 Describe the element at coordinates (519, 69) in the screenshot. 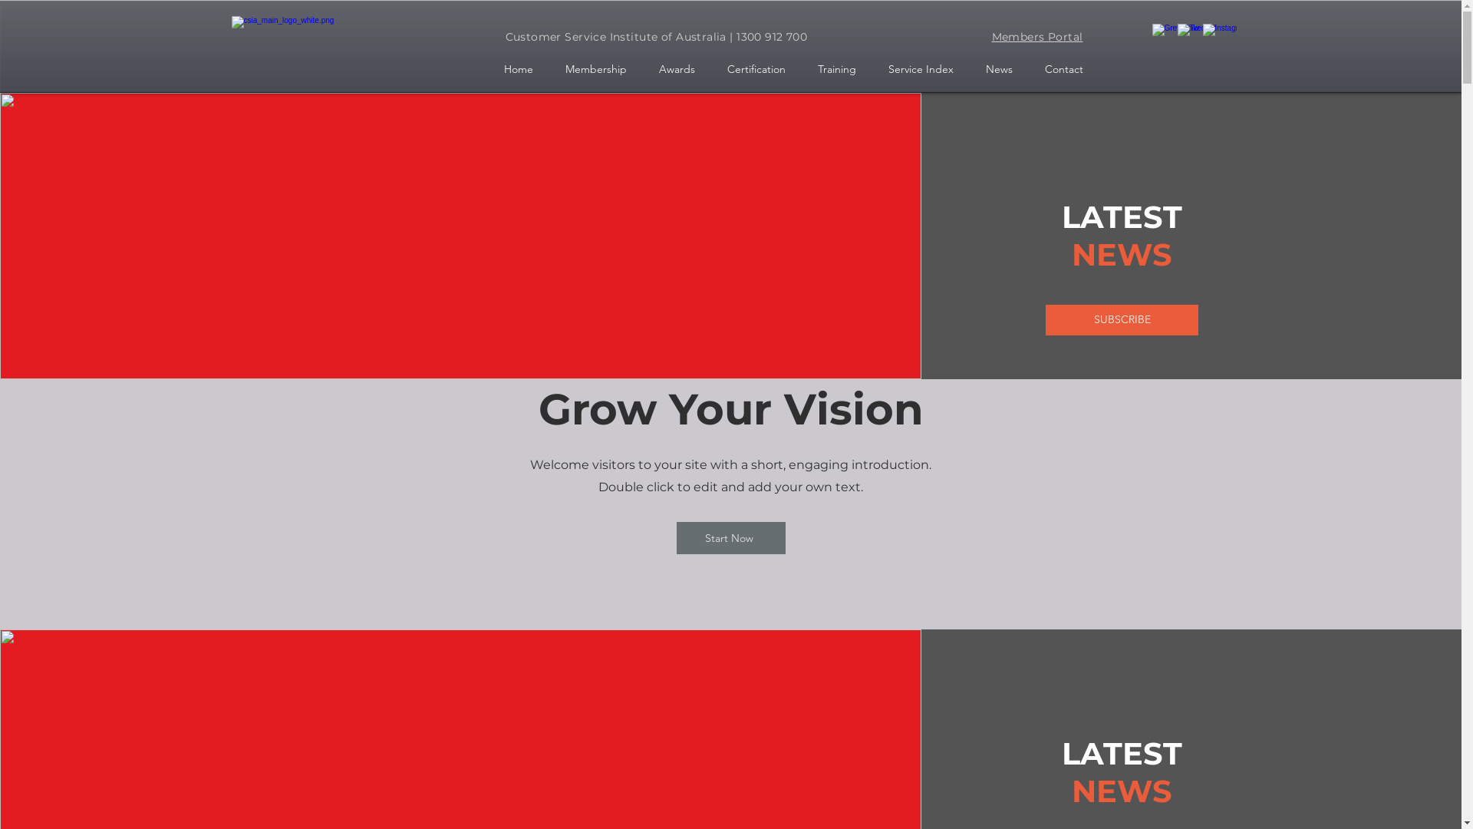

I see `'Home'` at that location.